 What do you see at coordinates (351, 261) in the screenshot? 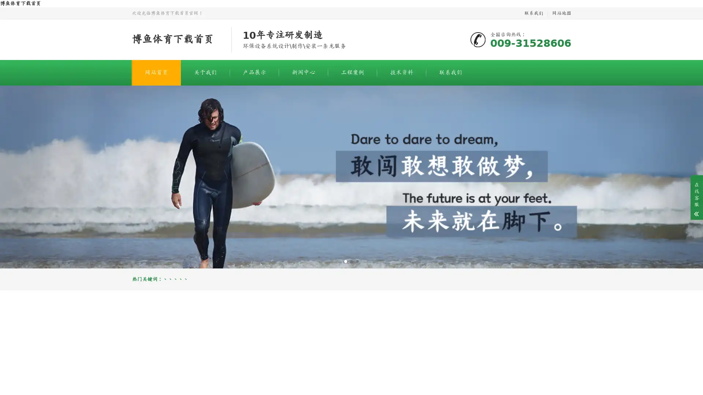
I see `Go to slide 2` at bounding box center [351, 261].